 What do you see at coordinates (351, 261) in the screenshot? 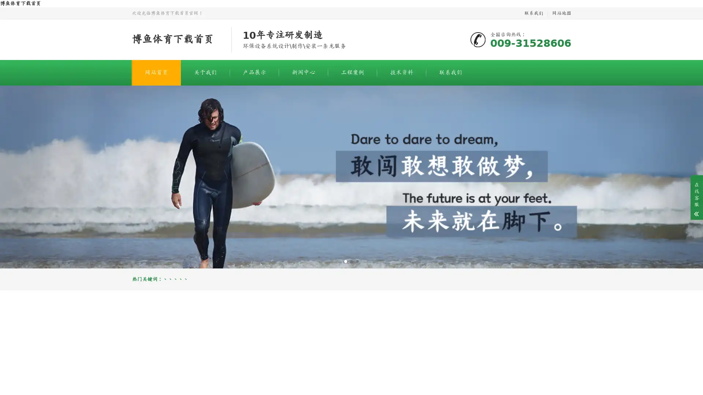
I see `Go to slide 2` at bounding box center [351, 261].